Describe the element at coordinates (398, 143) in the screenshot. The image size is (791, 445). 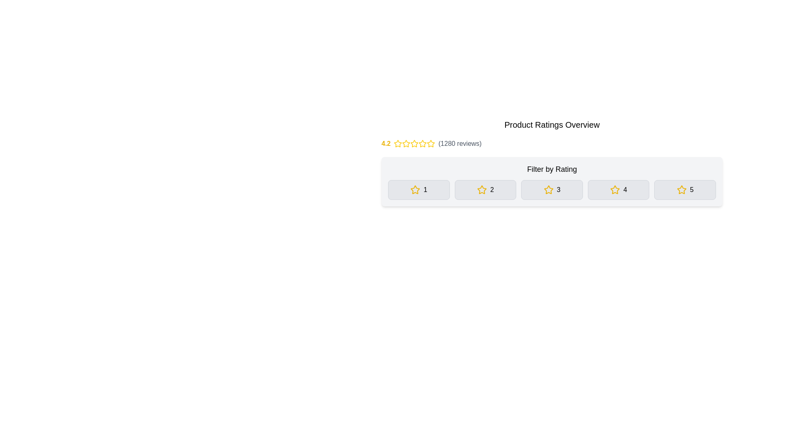
I see `the first star icon in the rating system, which has a yellow outline and is located to the right of the numeric rating text '4.2'` at that location.